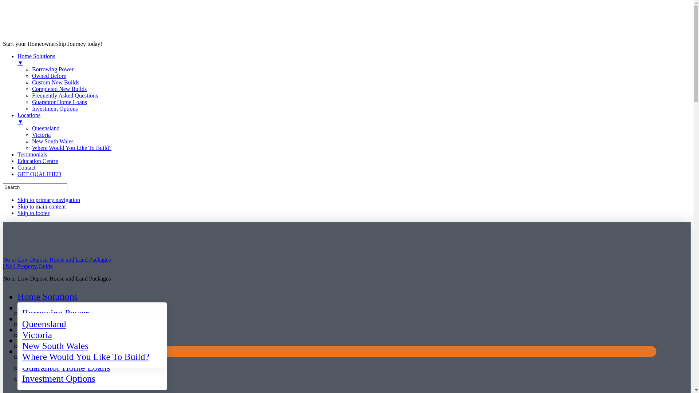  What do you see at coordinates (26, 167) in the screenshot?
I see `'Contact'` at bounding box center [26, 167].